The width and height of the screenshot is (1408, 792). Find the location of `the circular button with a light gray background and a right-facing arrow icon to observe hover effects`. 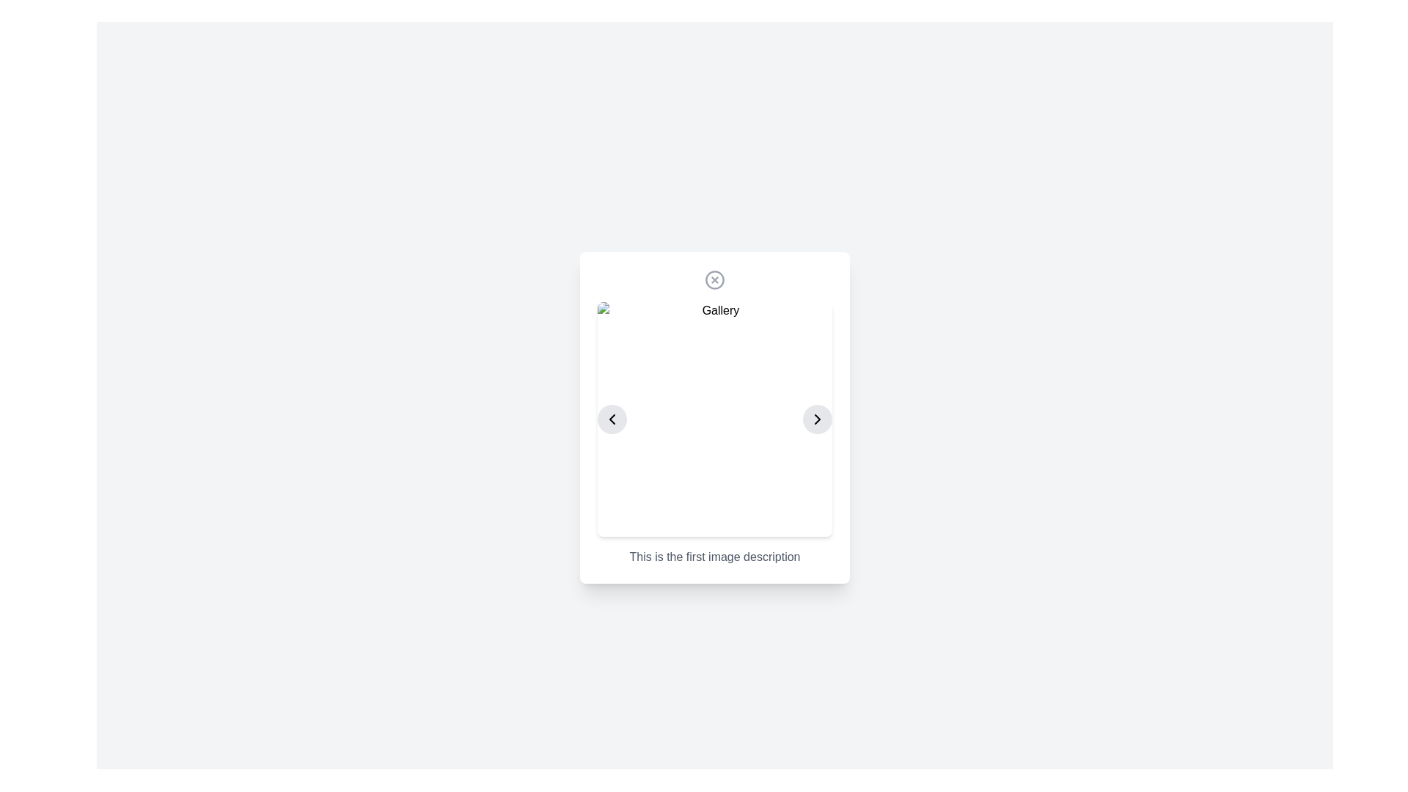

the circular button with a light gray background and a right-facing arrow icon to observe hover effects is located at coordinates (816, 419).